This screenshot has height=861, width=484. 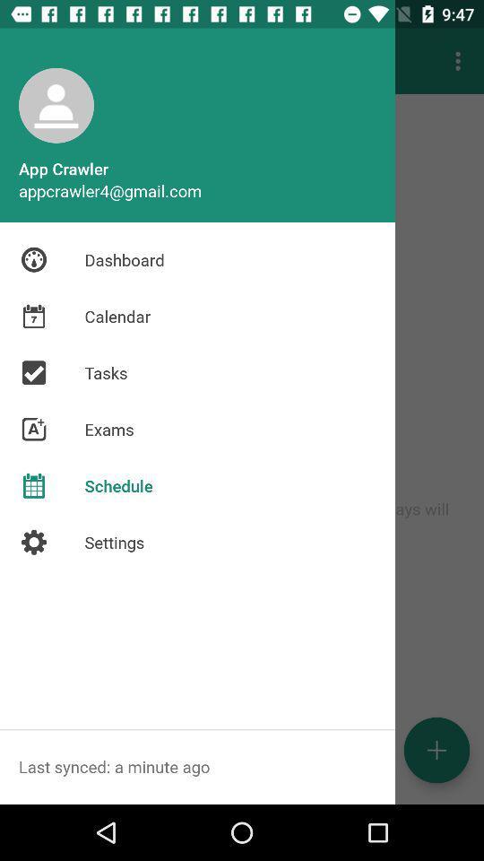 What do you see at coordinates (436, 750) in the screenshot?
I see `the add icon` at bounding box center [436, 750].